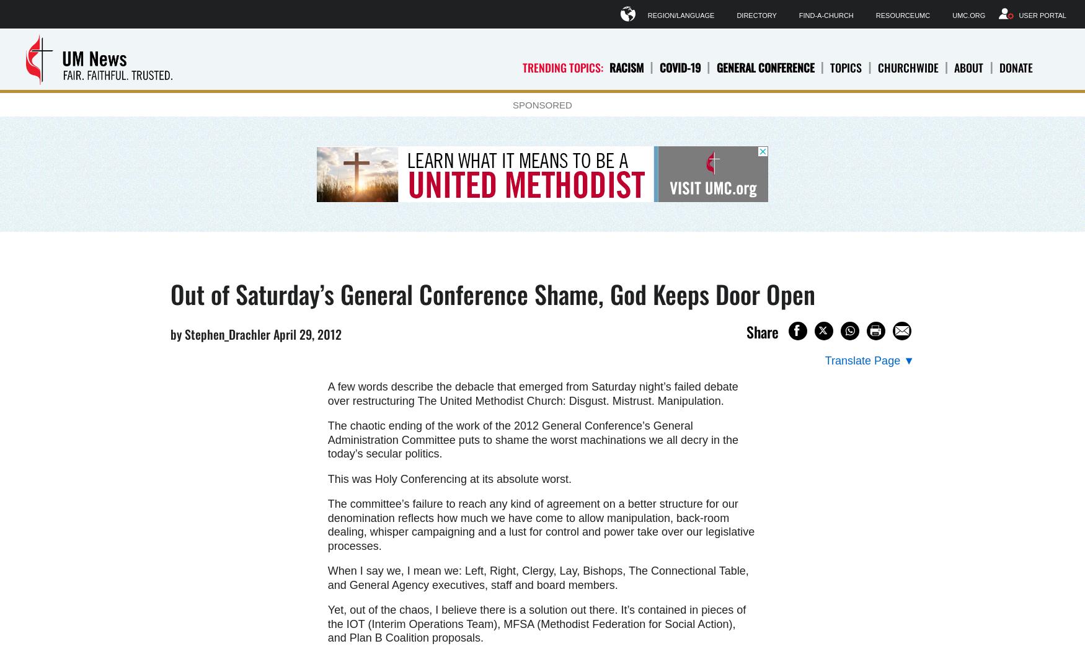  I want to click on 'This was Holy Conferencing at its absolute worst.', so click(449, 478).